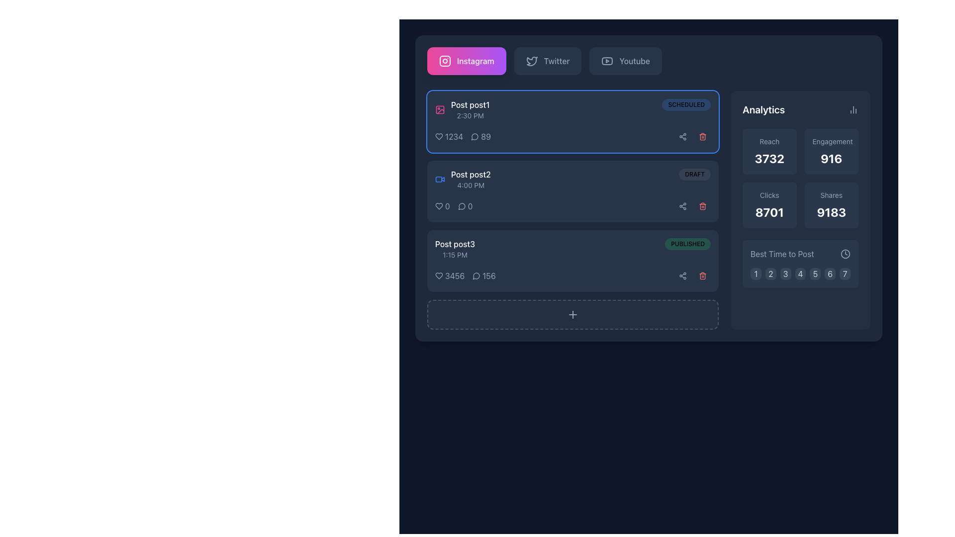 This screenshot has height=537, width=955. What do you see at coordinates (455, 249) in the screenshot?
I see `the text block containing the title and timestamp of the third post` at bounding box center [455, 249].